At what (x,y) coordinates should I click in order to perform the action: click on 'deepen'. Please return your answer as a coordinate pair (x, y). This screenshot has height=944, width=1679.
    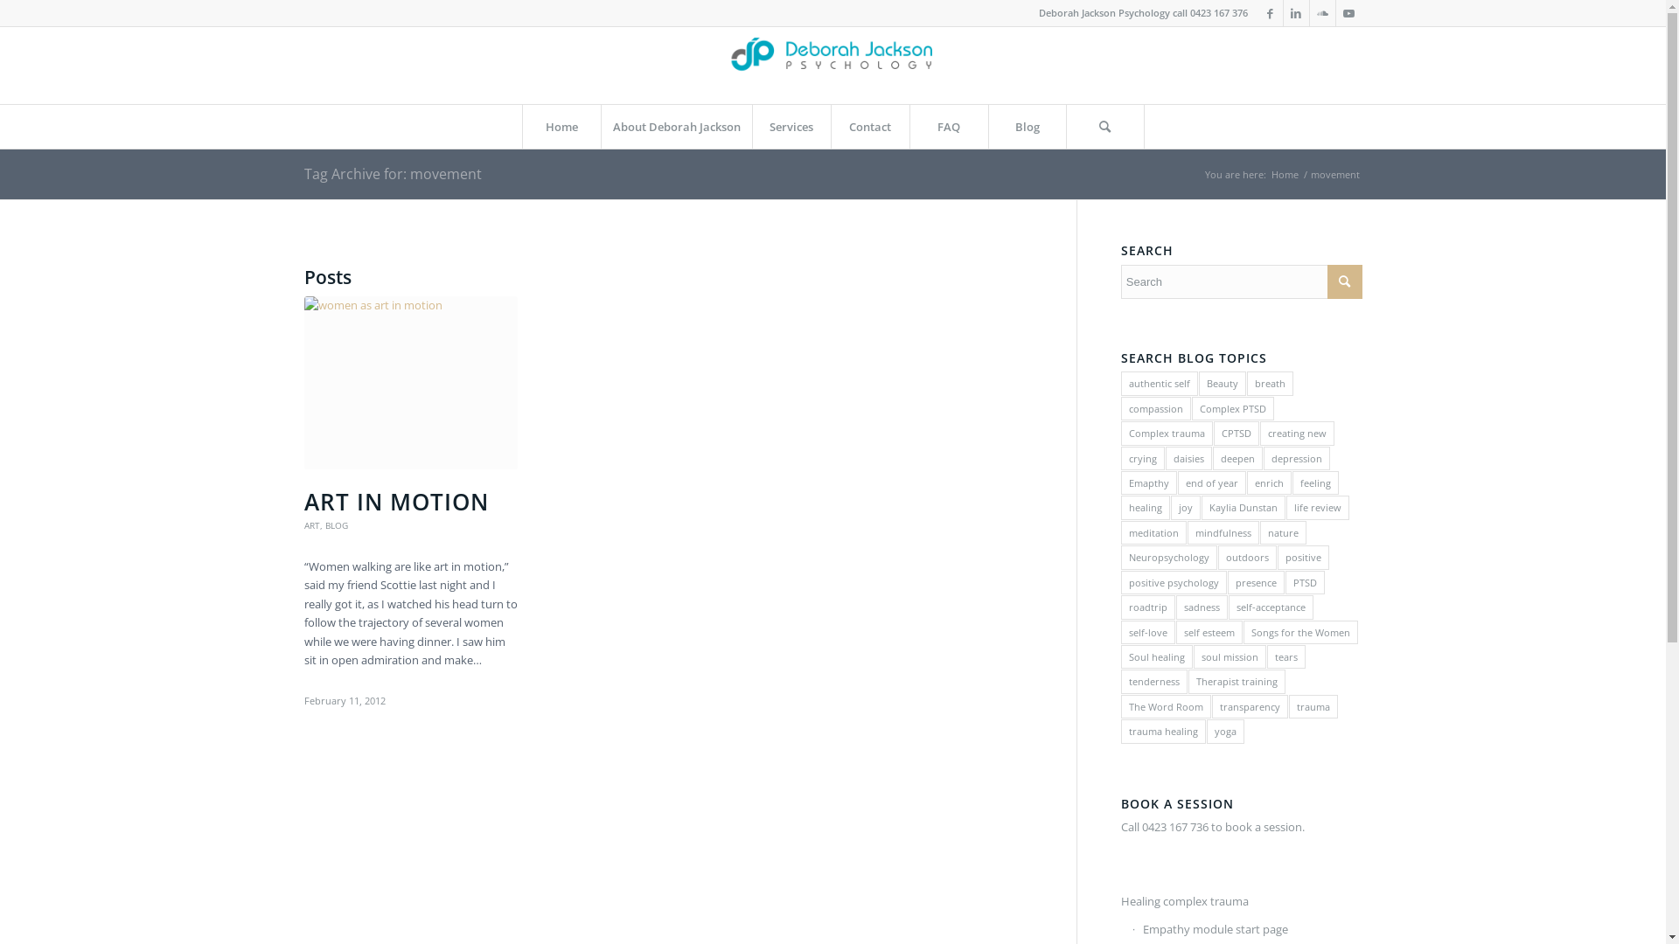
    Looking at the image, I should click on (1212, 457).